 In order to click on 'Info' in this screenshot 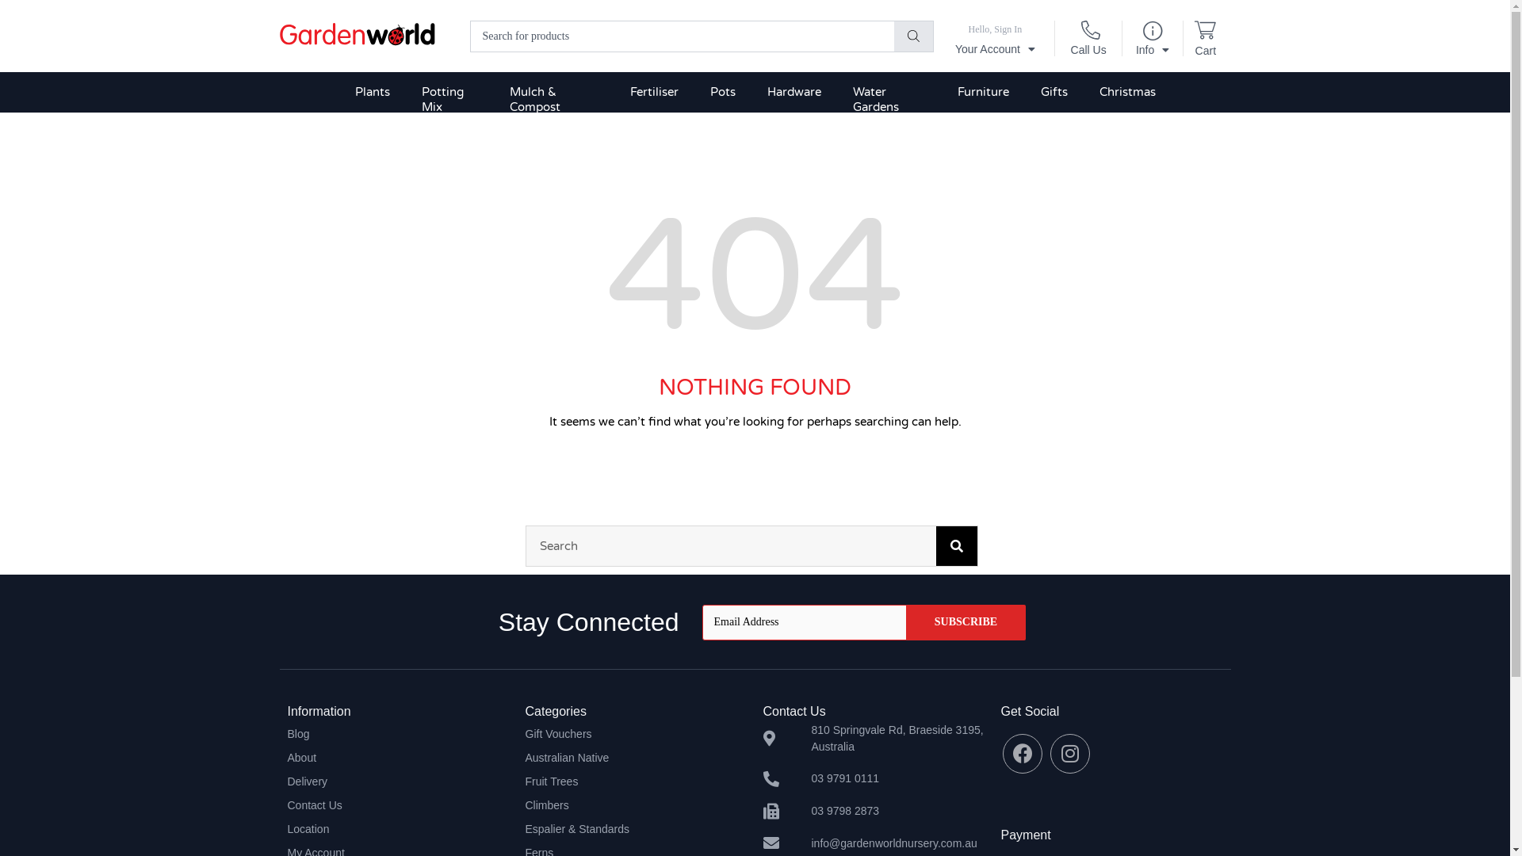, I will do `click(1153, 43)`.